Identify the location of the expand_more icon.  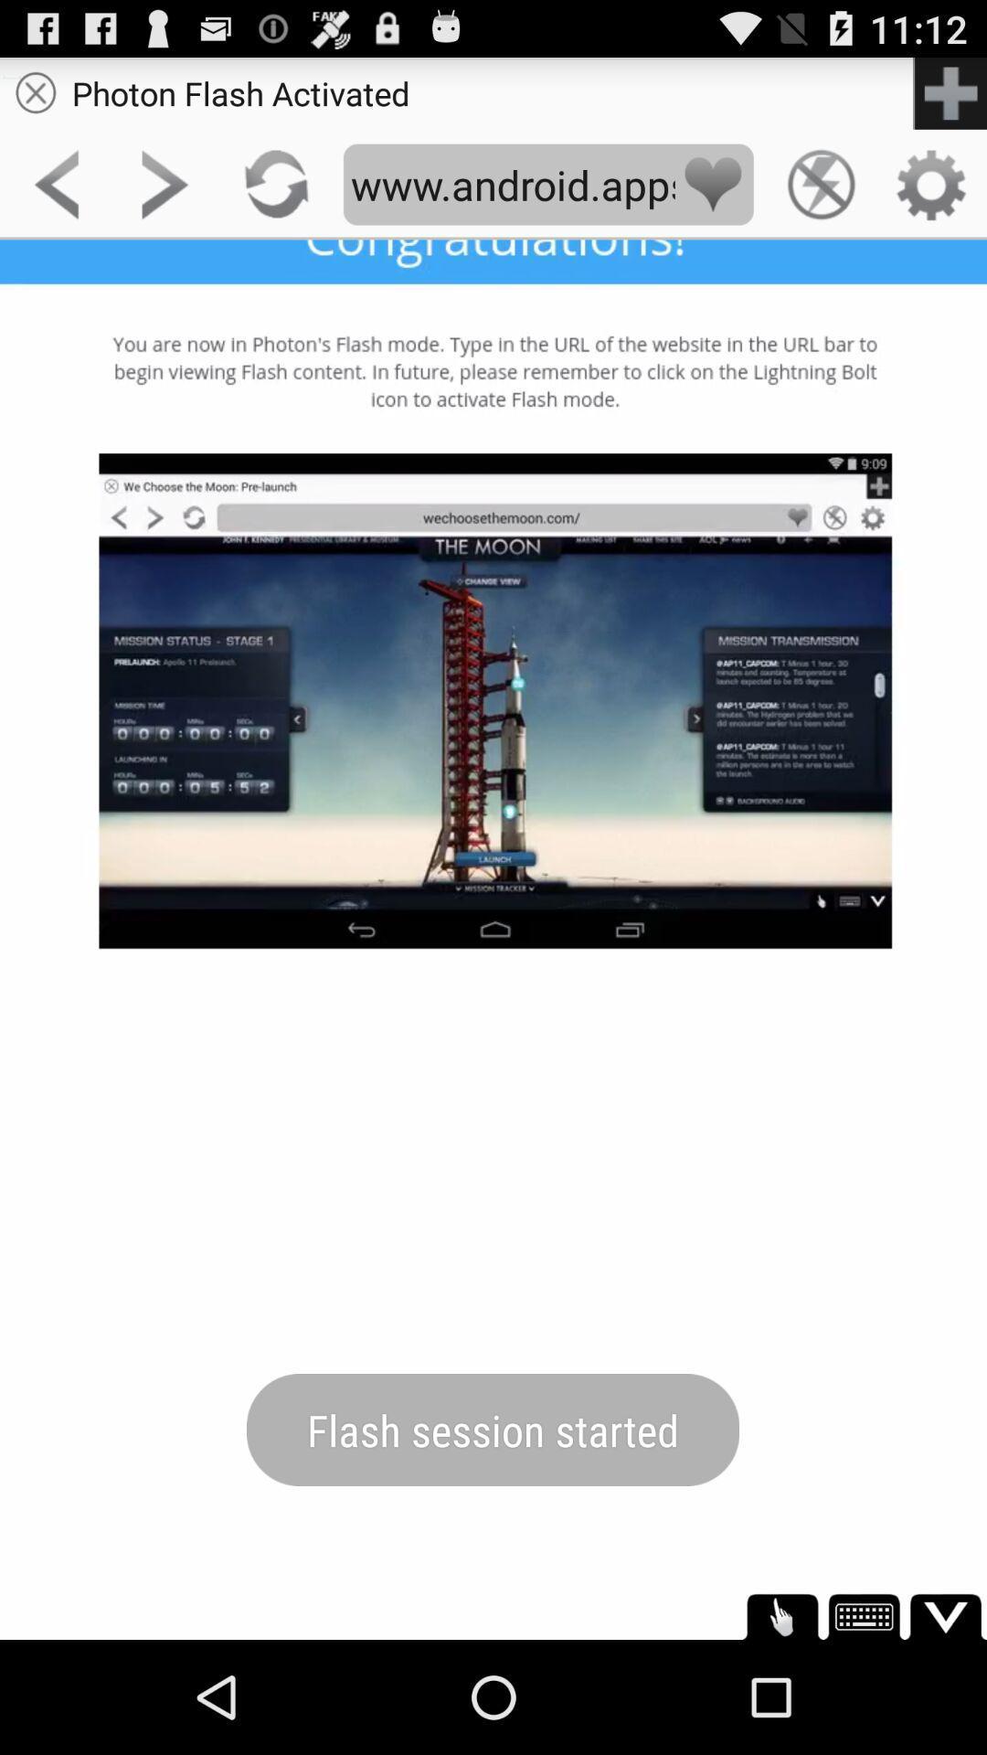
(946, 1718).